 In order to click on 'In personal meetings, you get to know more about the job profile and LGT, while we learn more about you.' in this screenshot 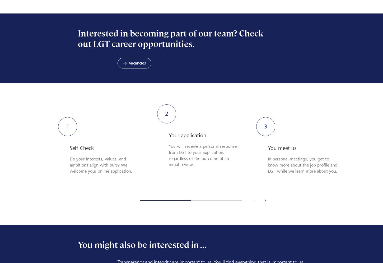, I will do `click(302, 165)`.